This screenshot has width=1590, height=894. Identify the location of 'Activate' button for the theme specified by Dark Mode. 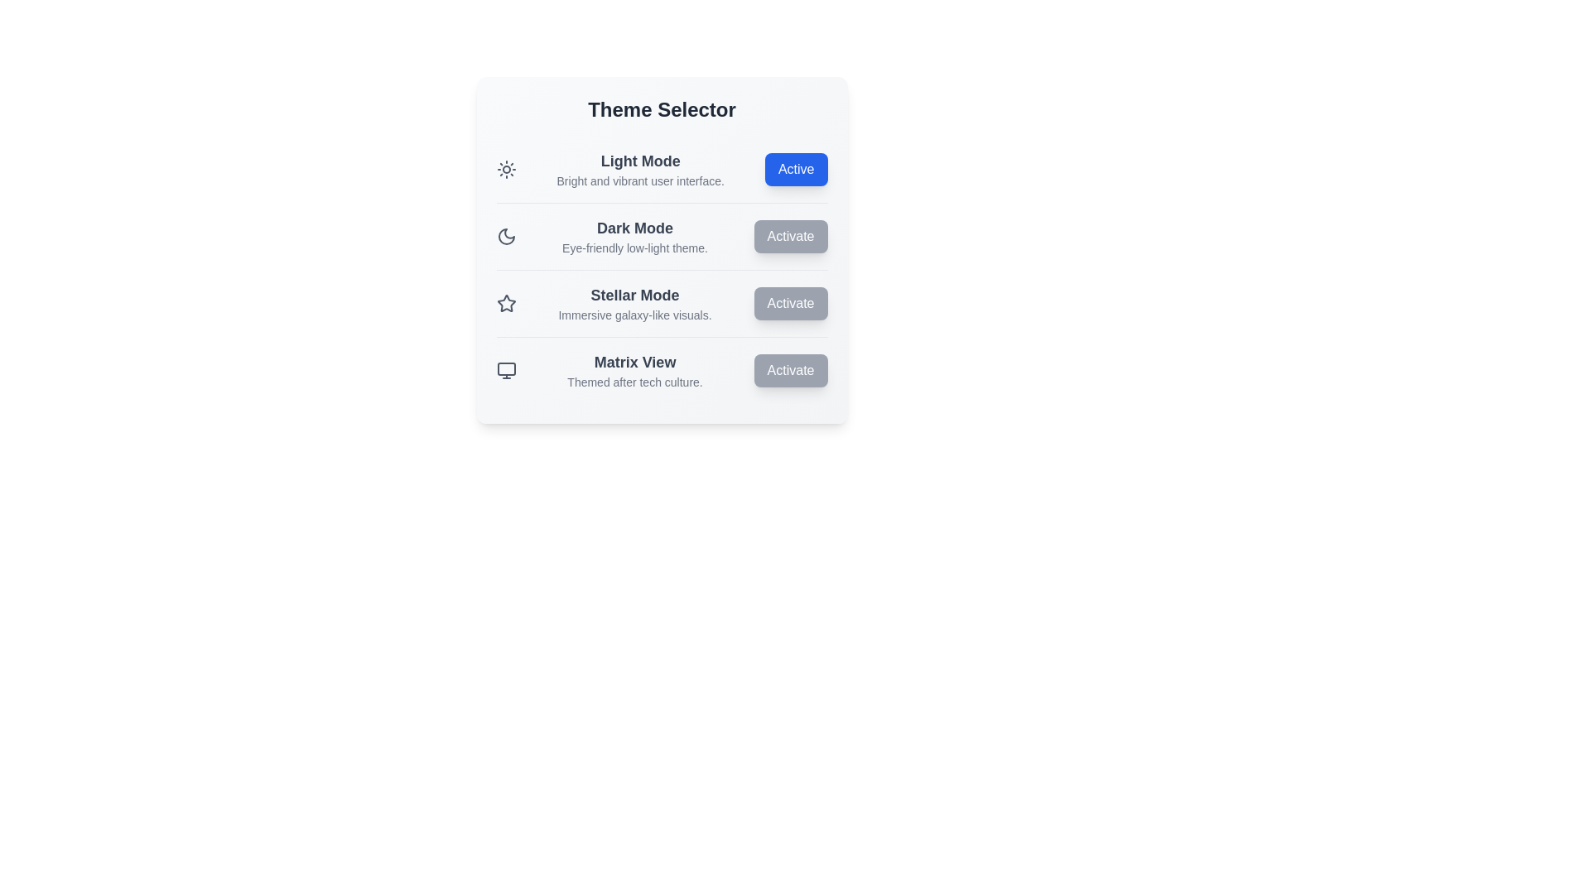
(790, 236).